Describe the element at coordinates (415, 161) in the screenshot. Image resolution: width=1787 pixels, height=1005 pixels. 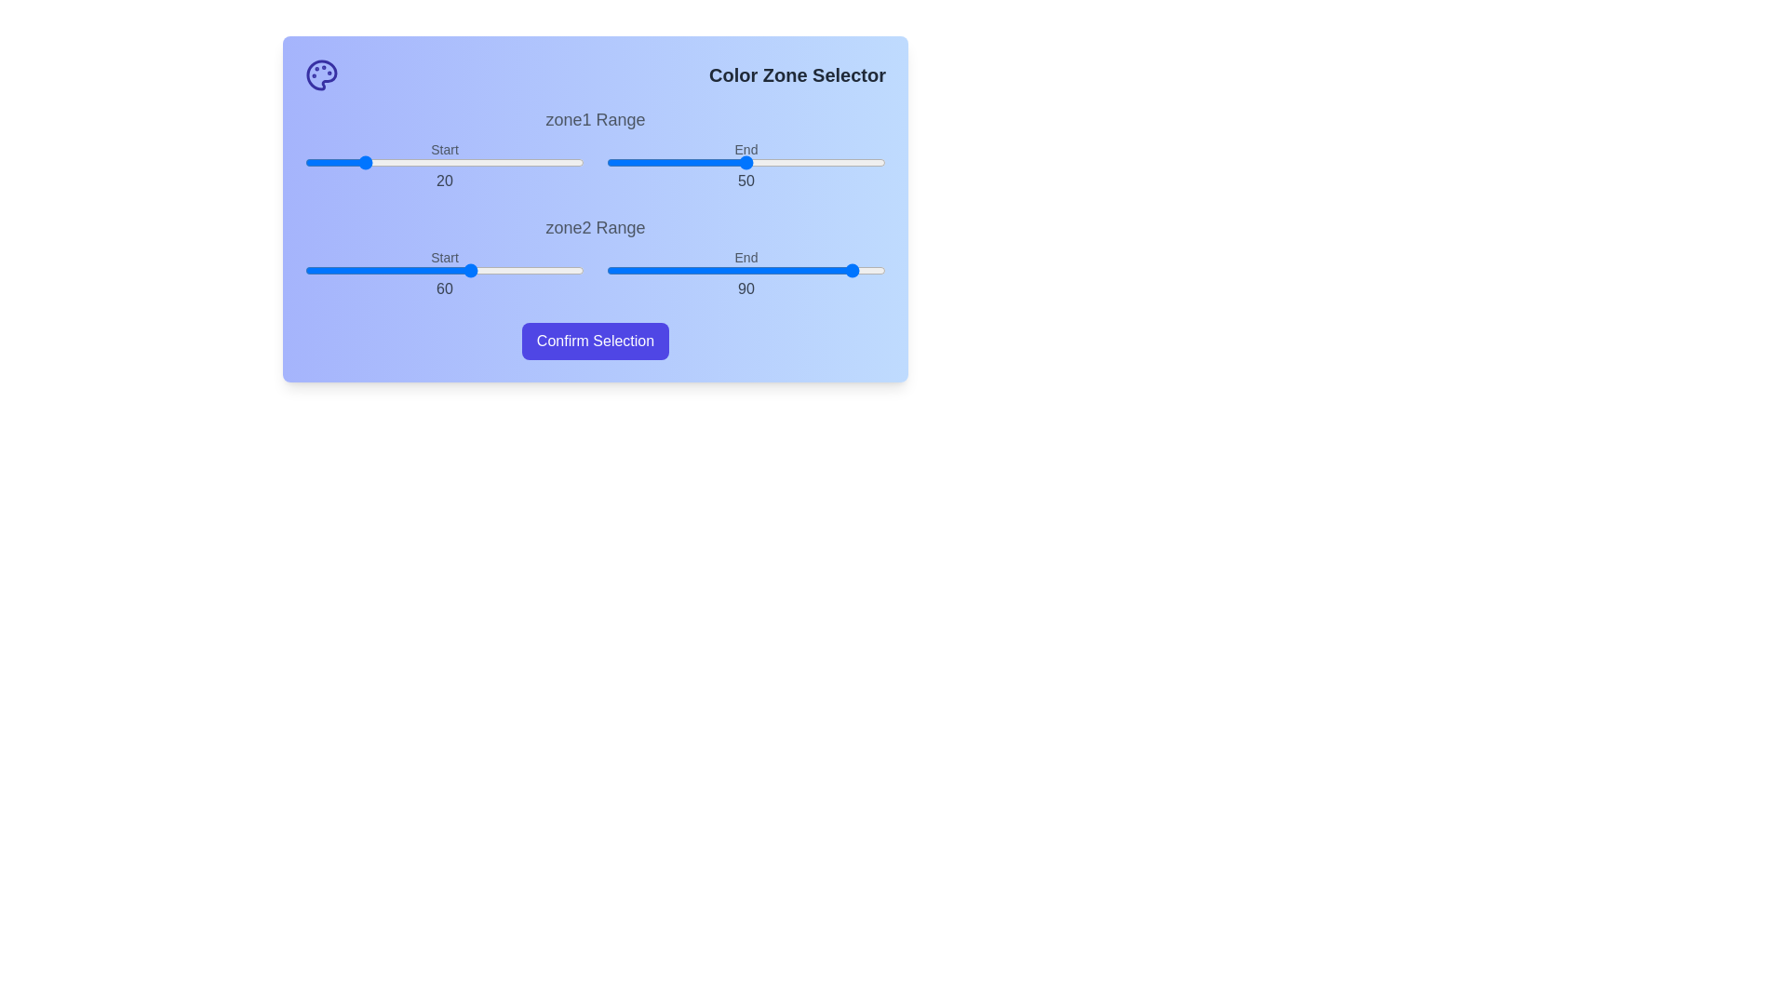
I see `the start range slider for zone1 to 40` at that location.